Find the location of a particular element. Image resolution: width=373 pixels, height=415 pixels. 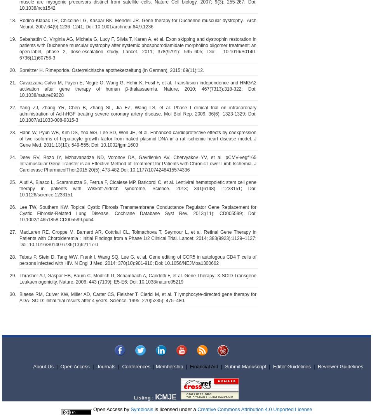

'Yang ZJ, Zhang  YR, Chen B, Zhang SL, Jia EZ, Wang LS, et al. Phase I clinical  trial on intracoronary administration of Ad-hHGF treating severe coronary  artery disease. Mol Biol Rep. 2009; 36(6): 1323-1329; Doi: 10.1007/s11033-008-9315-3' is located at coordinates (138, 114).